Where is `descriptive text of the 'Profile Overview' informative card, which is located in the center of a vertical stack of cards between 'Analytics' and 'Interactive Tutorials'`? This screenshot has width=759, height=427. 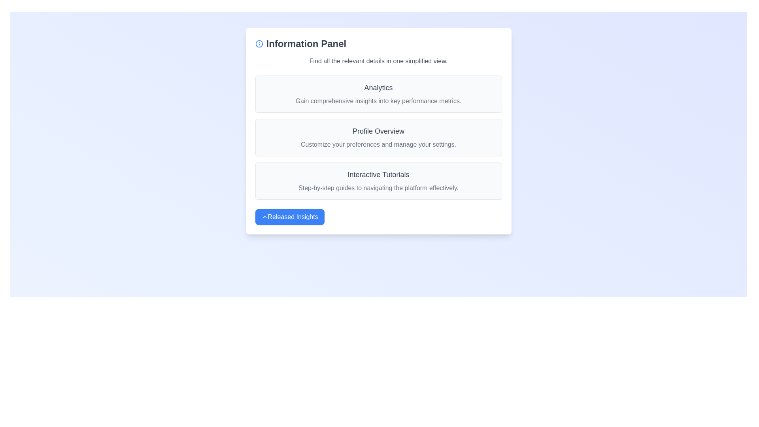
descriptive text of the 'Profile Overview' informative card, which is located in the center of a vertical stack of cards between 'Analytics' and 'Interactive Tutorials' is located at coordinates (378, 137).